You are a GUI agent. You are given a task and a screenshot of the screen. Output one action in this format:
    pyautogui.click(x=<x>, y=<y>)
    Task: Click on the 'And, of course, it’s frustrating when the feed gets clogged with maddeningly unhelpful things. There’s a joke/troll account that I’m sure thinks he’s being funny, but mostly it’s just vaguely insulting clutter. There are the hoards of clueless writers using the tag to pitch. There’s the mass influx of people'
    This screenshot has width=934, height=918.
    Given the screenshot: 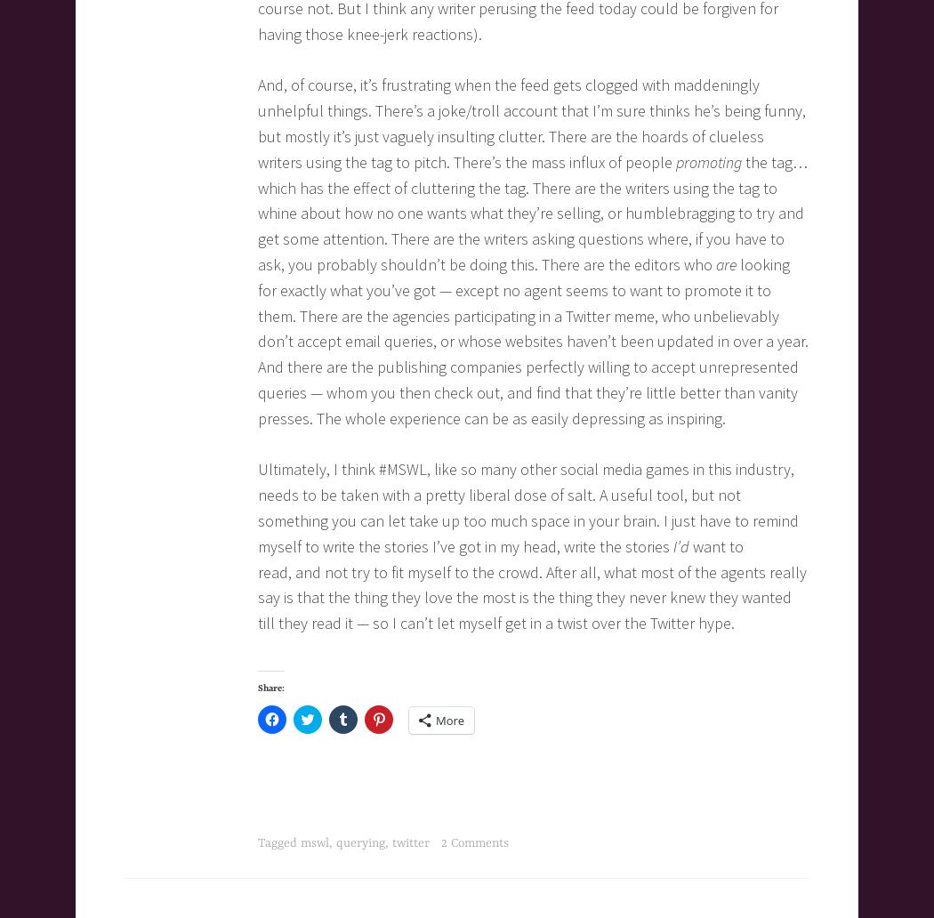 What is the action you would take?
    pyautogui.click(x=257, y=122)
    